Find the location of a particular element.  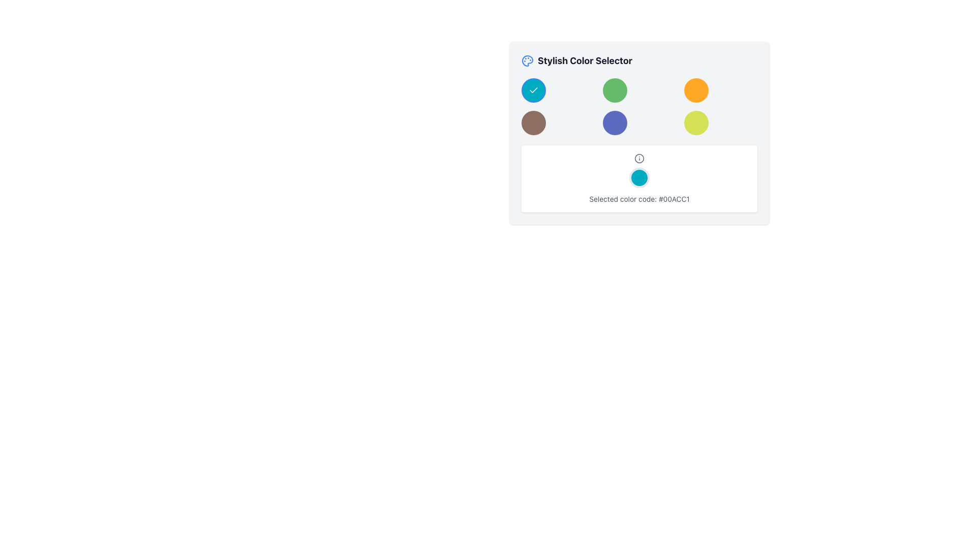

the static colored circle that indicates the currently selected color, which is displayed within the box labeled 'Selected color code: #00ACC1' is located at coordinates (638, 177).